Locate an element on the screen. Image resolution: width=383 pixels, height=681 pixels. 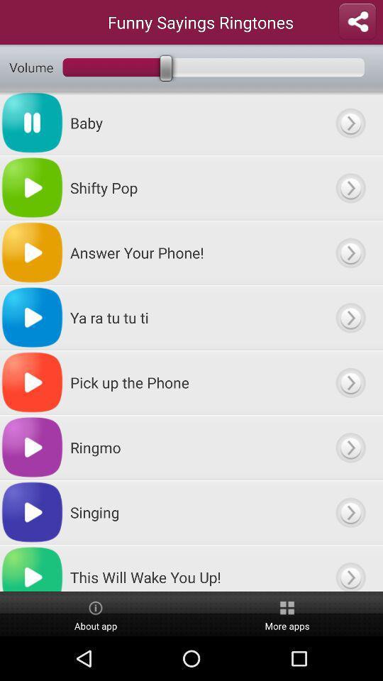
option is located at coordinates (350, 122).